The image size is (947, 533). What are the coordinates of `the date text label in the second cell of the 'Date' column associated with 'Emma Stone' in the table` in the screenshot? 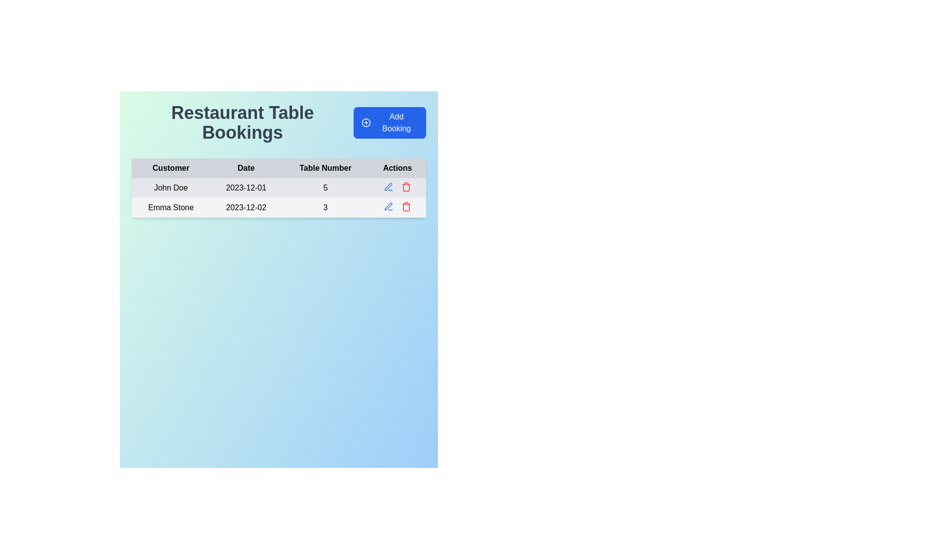 It's located at (246, 207).